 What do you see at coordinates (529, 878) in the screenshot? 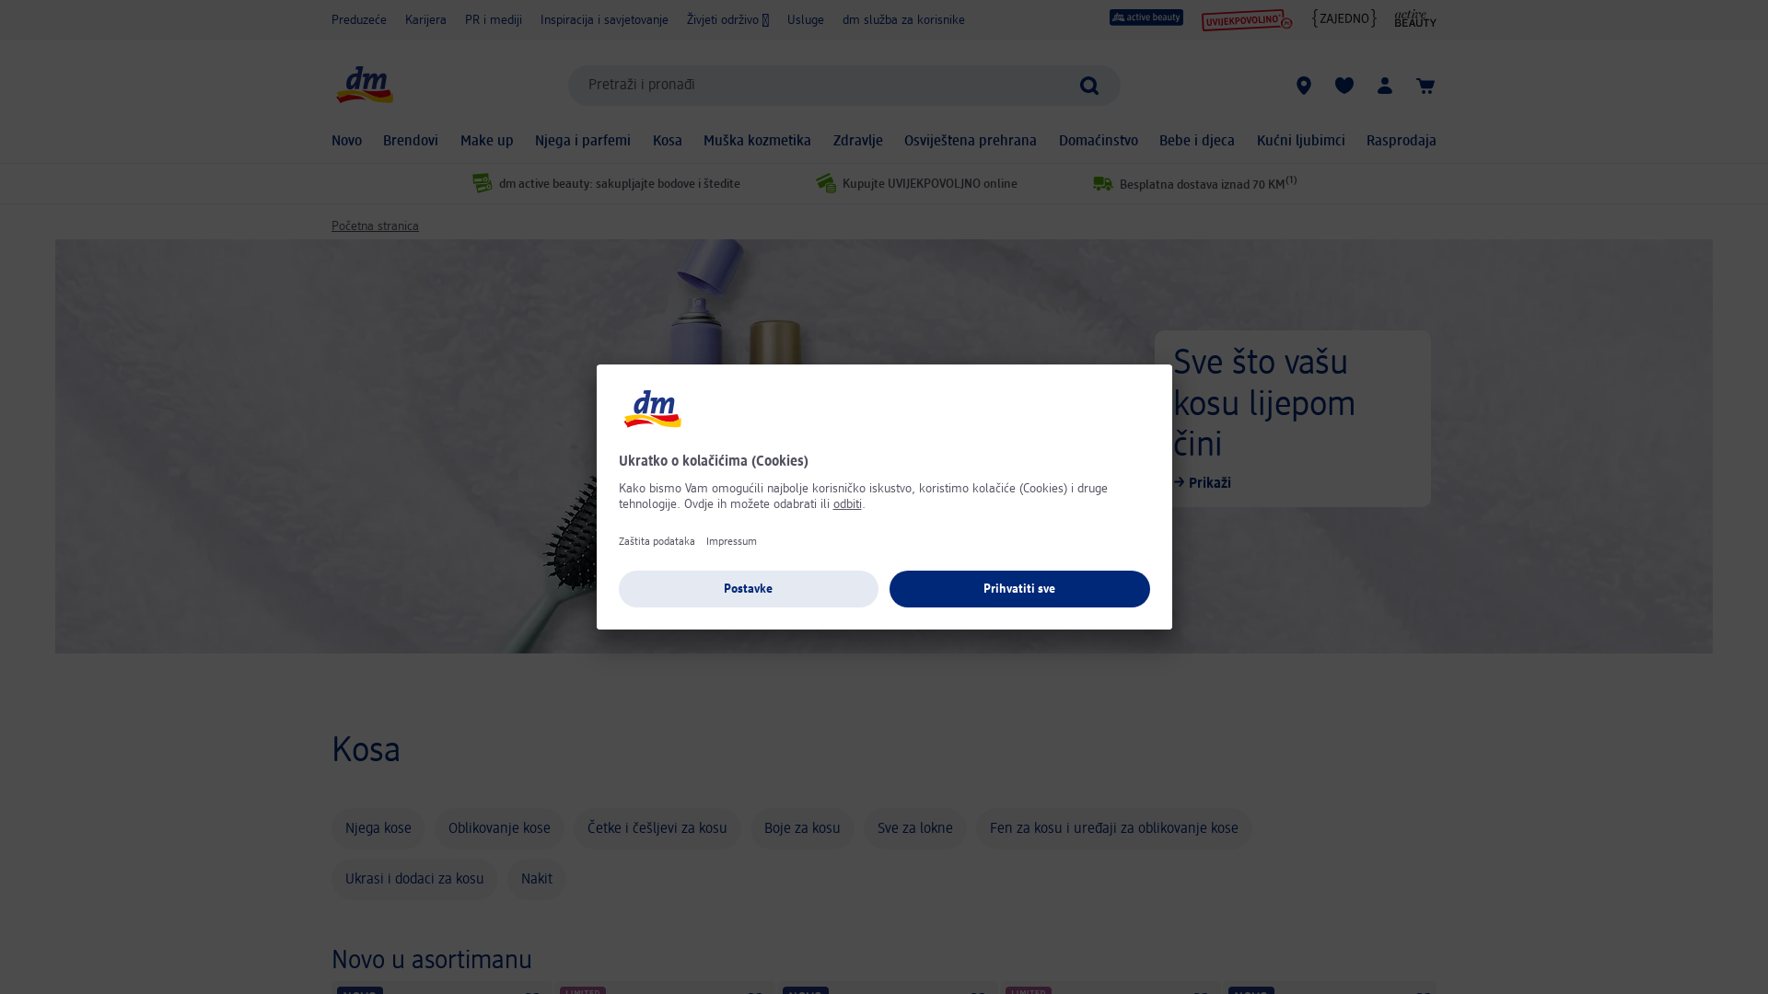
I see `'Nakit'` at bounding box center [529, 878].